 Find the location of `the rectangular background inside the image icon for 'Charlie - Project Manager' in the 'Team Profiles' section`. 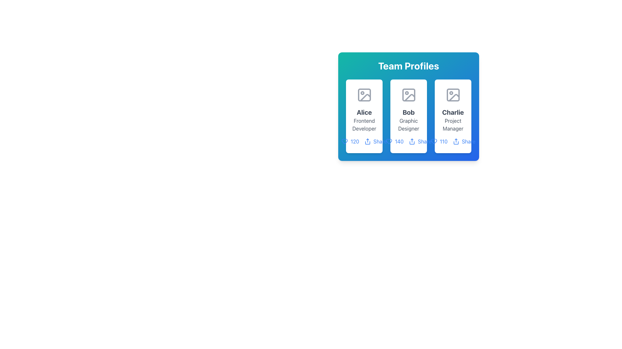

the rectangular background inside the image icon for 'Charlie - Project Manager' in the 'Team Profiles' section is located at coordinates (453, 95).